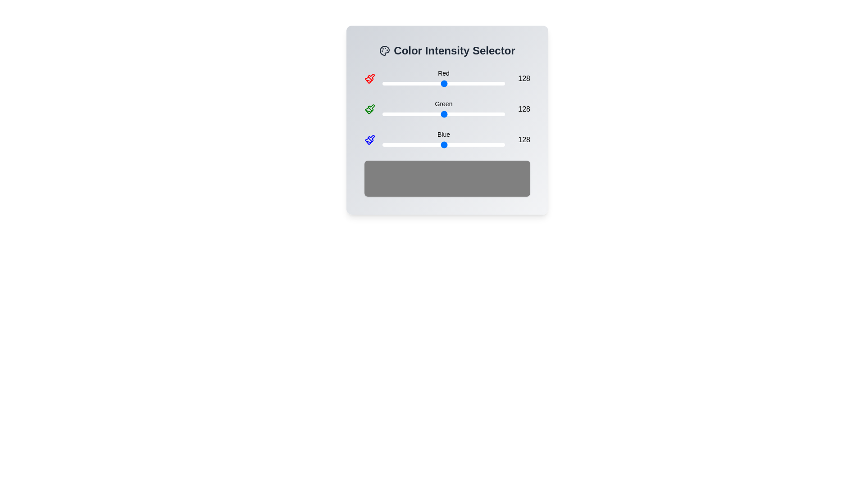 The height and width of the screenshot is (486, 865). I want to click on green intensity, so click(396, 114).